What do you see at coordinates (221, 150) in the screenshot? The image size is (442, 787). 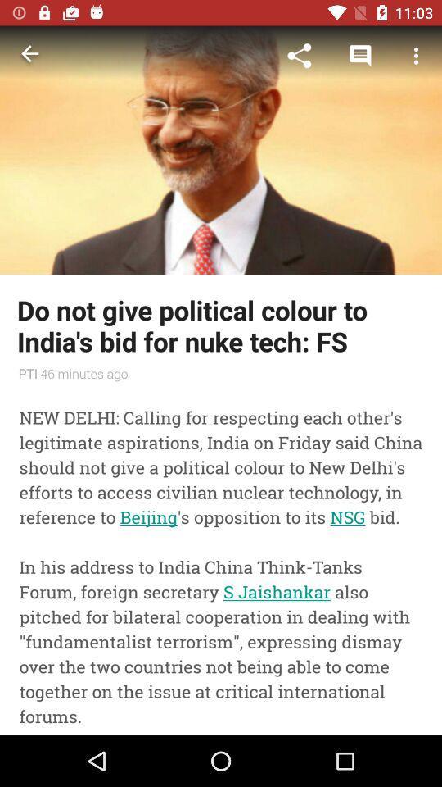 I see `the item above do not give icon` at bounding box center [221, 150].